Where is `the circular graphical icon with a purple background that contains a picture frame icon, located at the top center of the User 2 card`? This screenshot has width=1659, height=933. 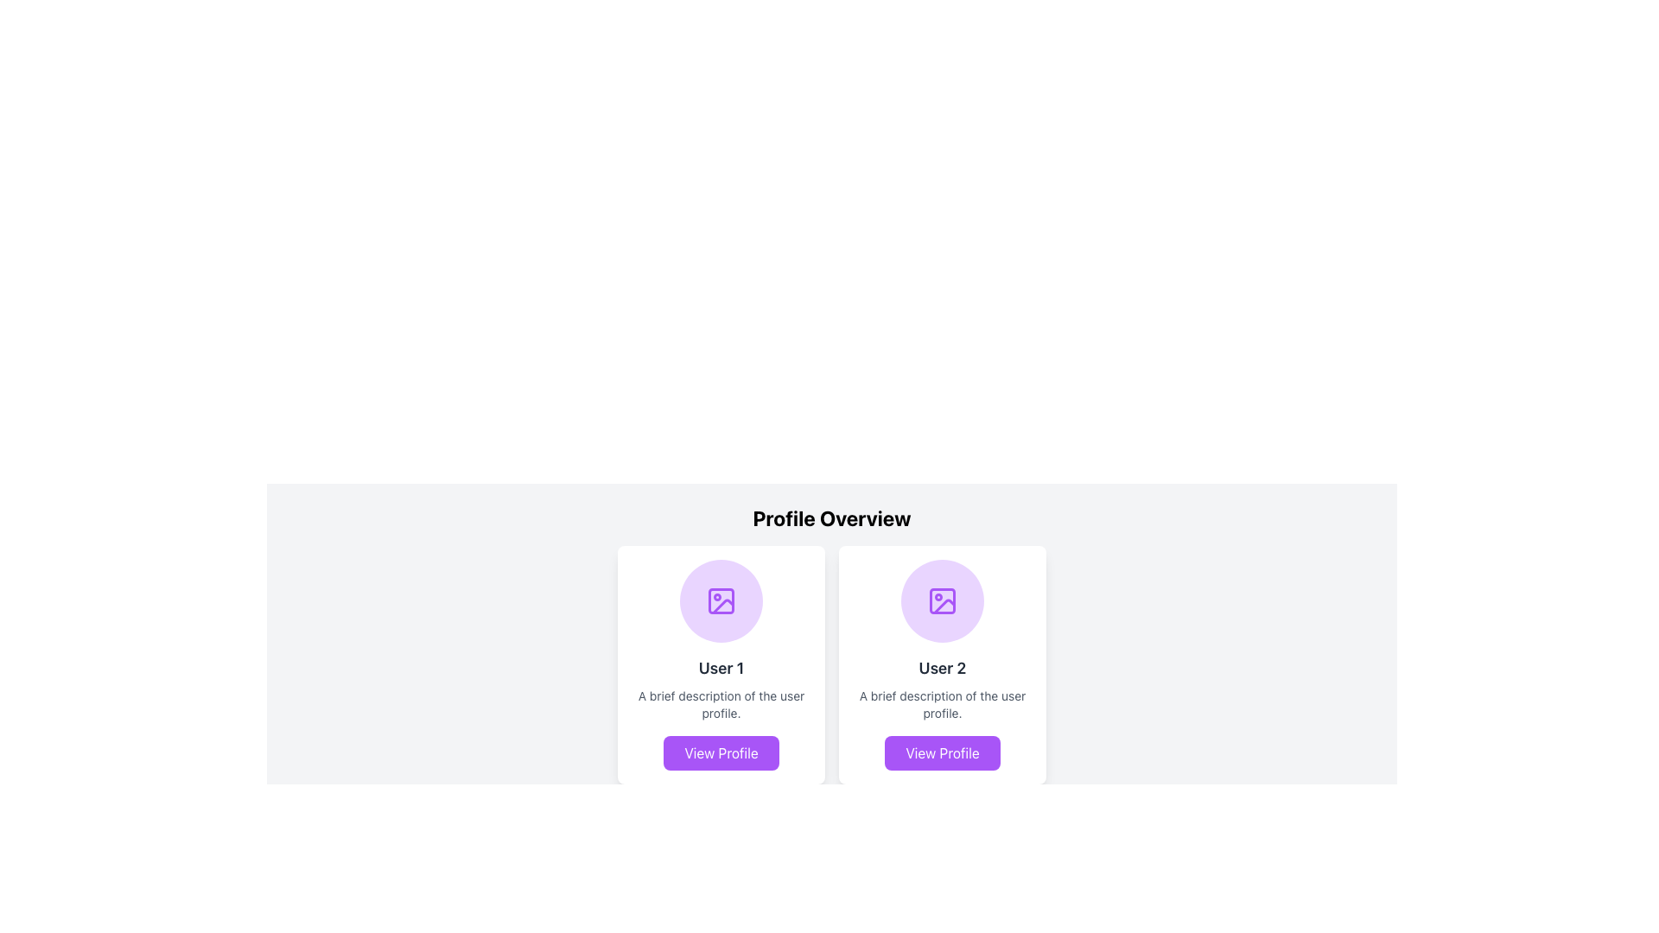 the circular graphical icon with a purple background that contains a picture frame icon, located at the top center of the User 2 card is located at coordinates (941, 600).